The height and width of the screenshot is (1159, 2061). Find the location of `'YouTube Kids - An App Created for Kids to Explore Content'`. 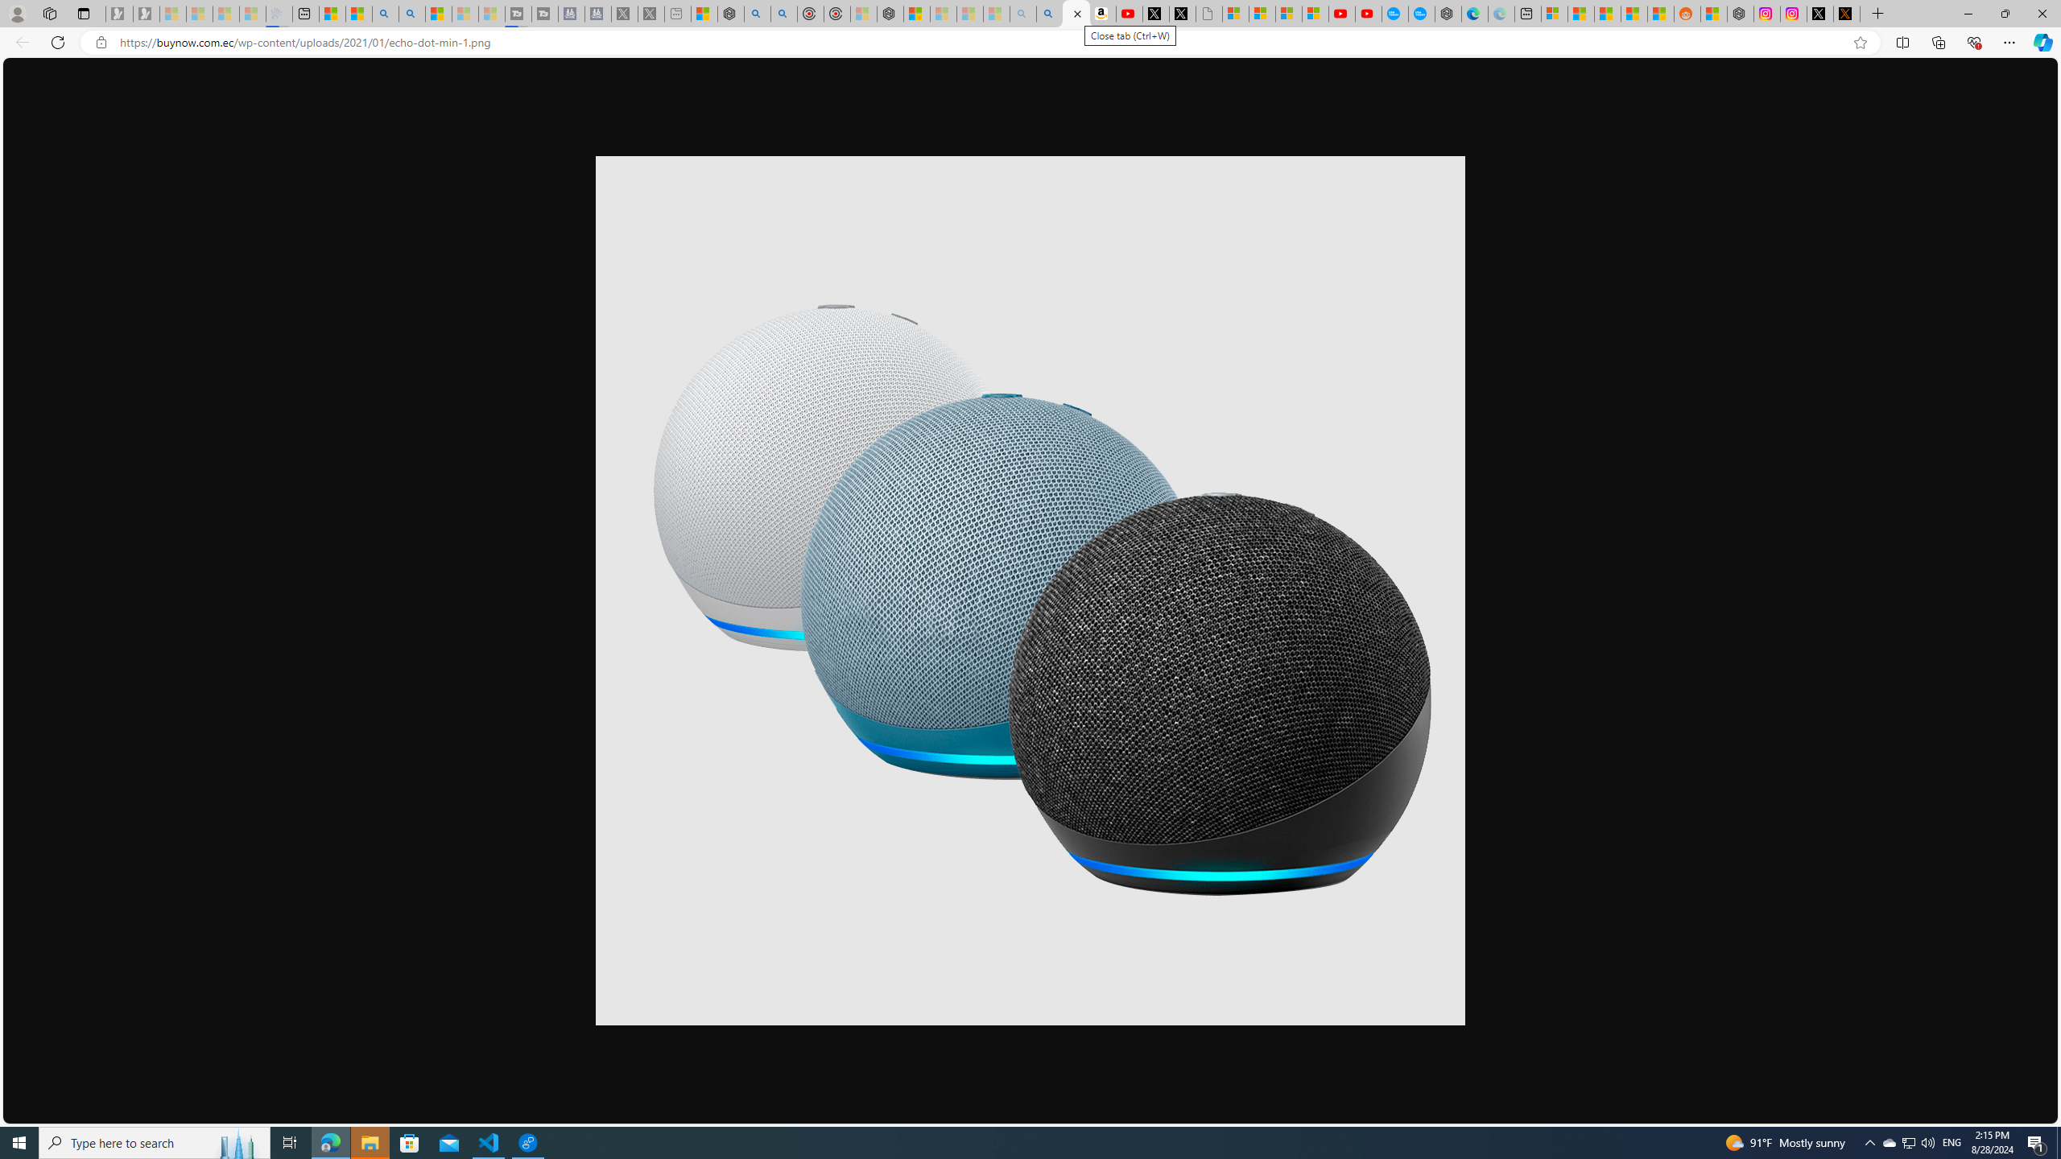

'YouTube Kids - An App Created for Kids to Explore Content' is located at coordinates (1368, 13).